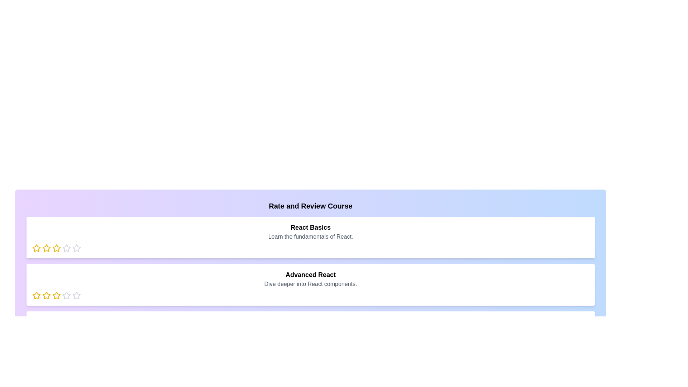 The image size is (688, 387). I want to click on the fourth interactive star icon in the rating component below 'Advanced React', so click(56, 296).